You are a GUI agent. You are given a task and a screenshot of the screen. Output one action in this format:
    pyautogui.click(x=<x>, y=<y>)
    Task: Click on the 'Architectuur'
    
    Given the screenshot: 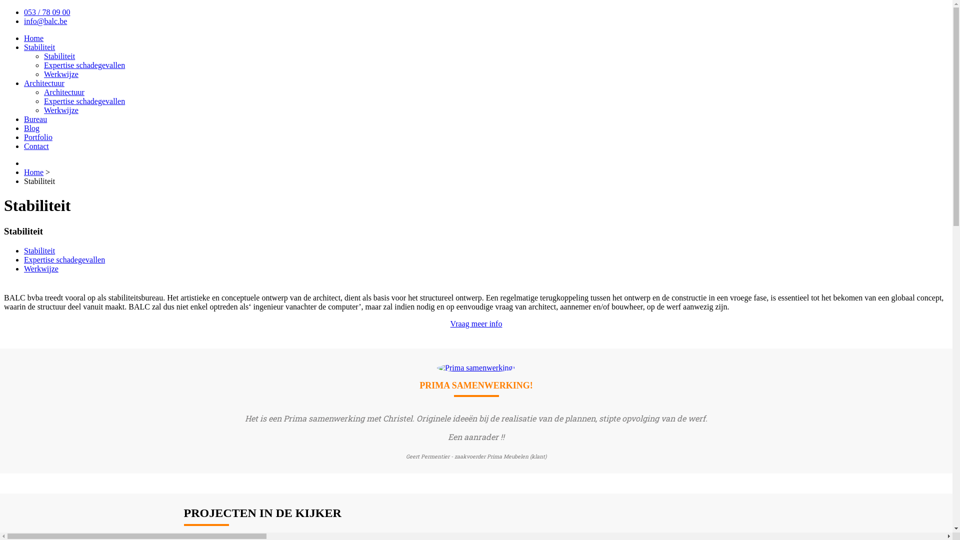 What is the action you would take?
    pyautogui.click(x=63, y=92)
    